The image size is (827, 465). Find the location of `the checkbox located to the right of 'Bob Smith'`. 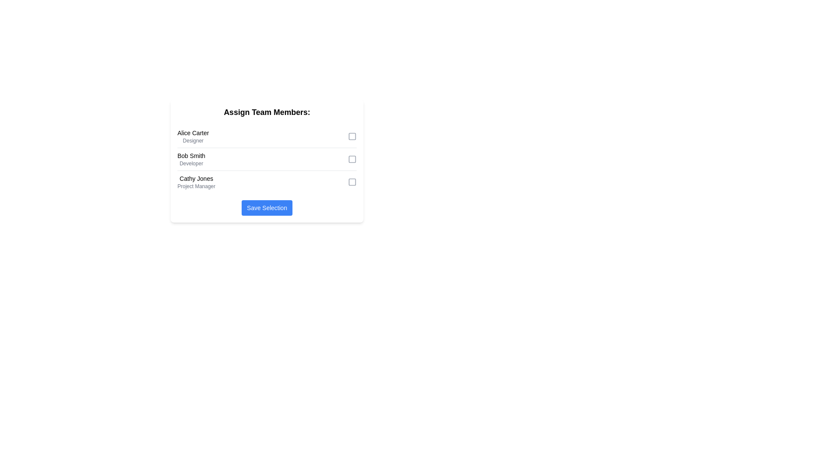

the checkbox located to the right of 'Bob Smith' is located at coordinates (352, 159).